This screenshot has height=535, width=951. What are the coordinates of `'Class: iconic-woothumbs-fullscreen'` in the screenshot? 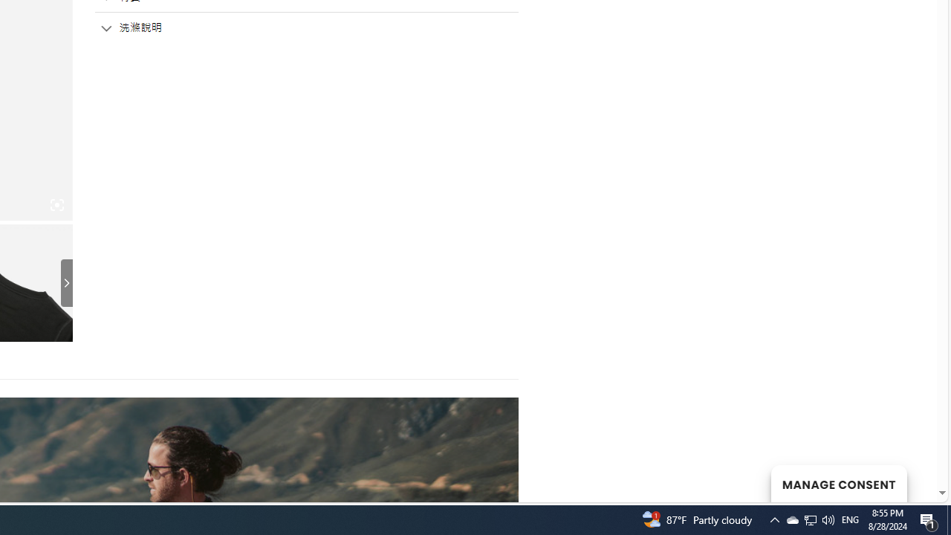 It's located at (56, 205).